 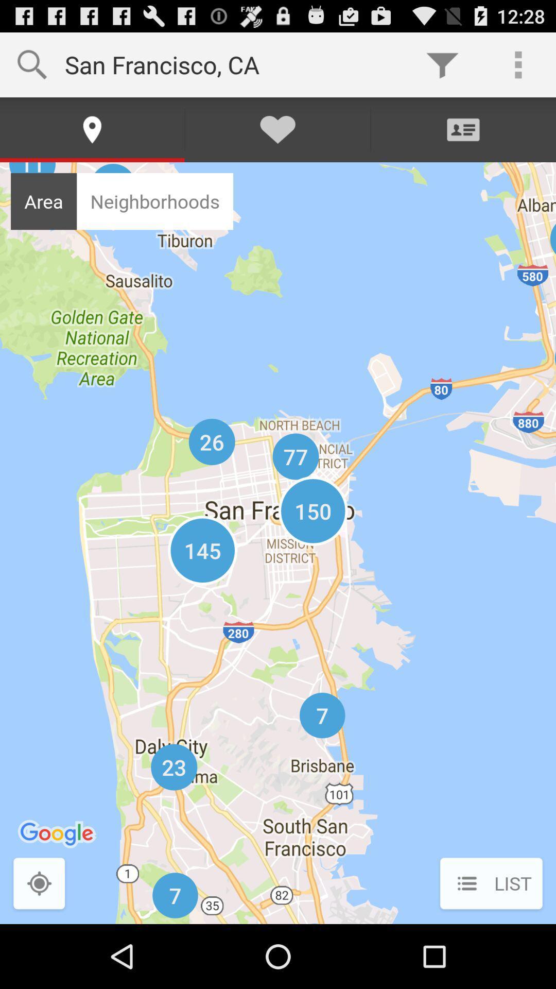 I want to click on app to the right of san francisco, ca item, so click(x=442, y=64).